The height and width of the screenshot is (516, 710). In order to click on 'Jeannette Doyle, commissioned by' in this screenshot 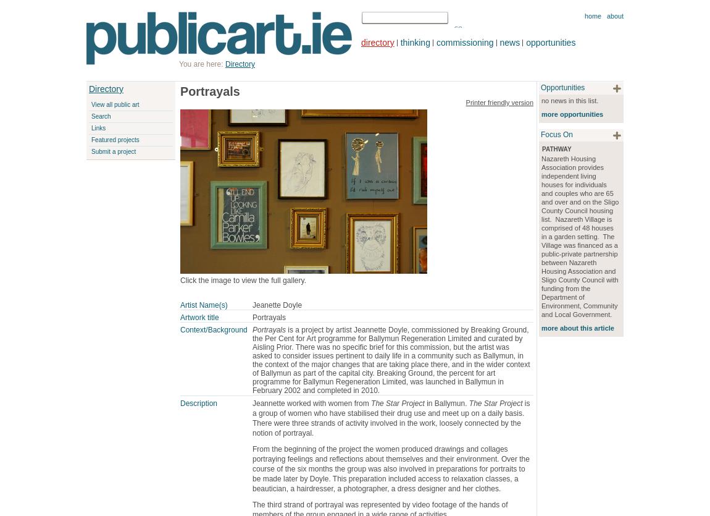, I will do `click(411, 329)`.